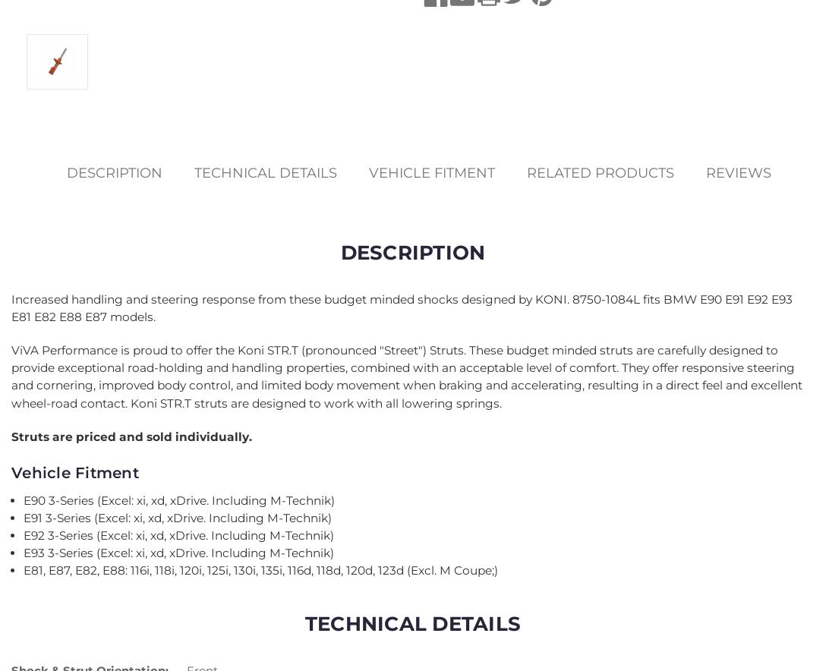 The width and height of the screenshot is (826, 671). I want to click on 'Description', so click(114, 172).